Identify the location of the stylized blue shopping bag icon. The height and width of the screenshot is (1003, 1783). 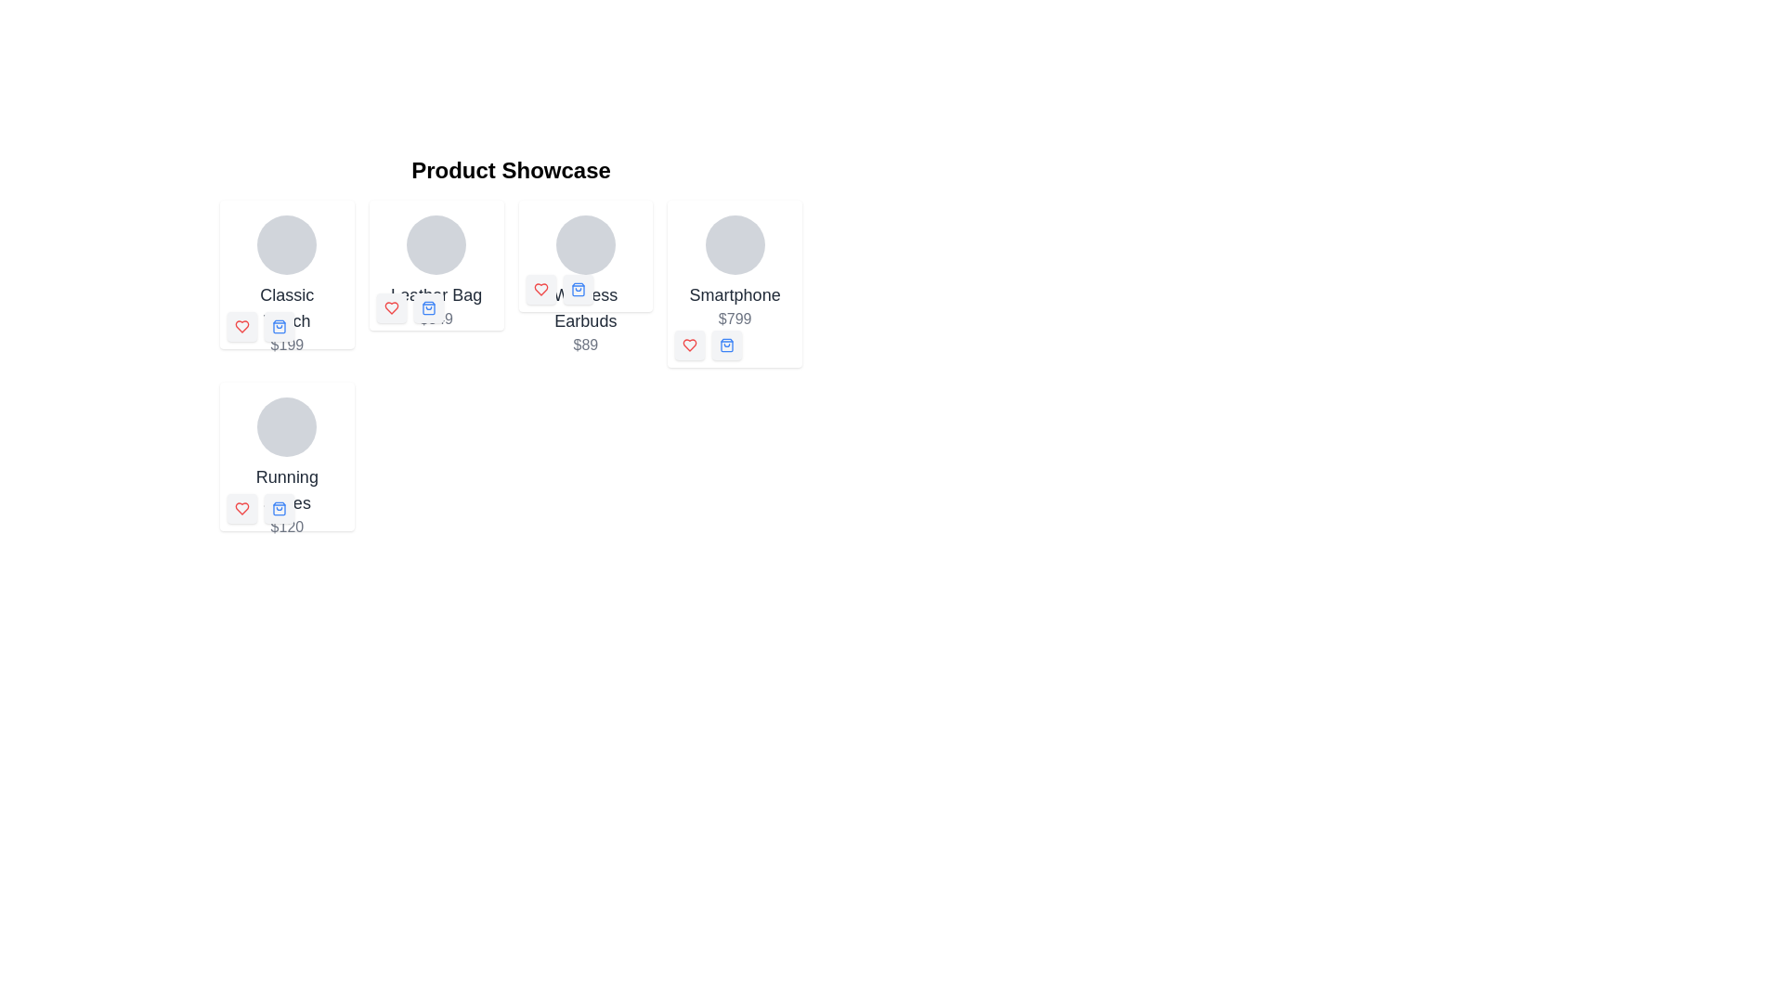
(279, 325).